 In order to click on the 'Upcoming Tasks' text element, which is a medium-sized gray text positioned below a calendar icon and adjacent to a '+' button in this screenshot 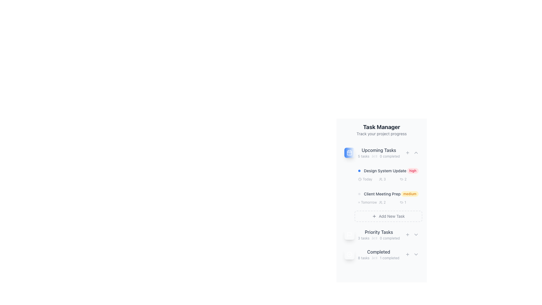, I will do `click(379, 150)`.